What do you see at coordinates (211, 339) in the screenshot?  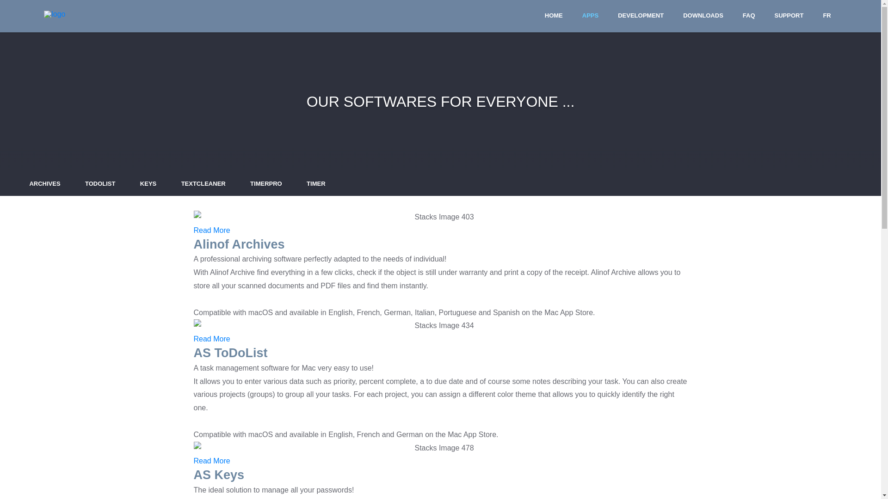 I see `'Read More'` at bounding box center [211, 339].